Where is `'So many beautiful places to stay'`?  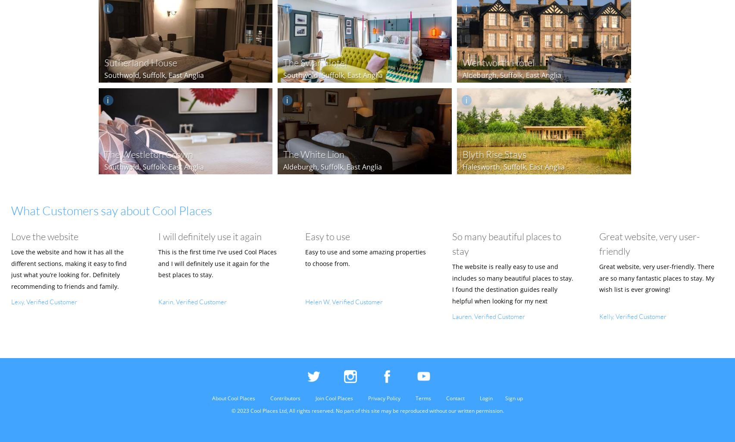
'So many beautiful places to stay' is located at coordinates (507, 243).